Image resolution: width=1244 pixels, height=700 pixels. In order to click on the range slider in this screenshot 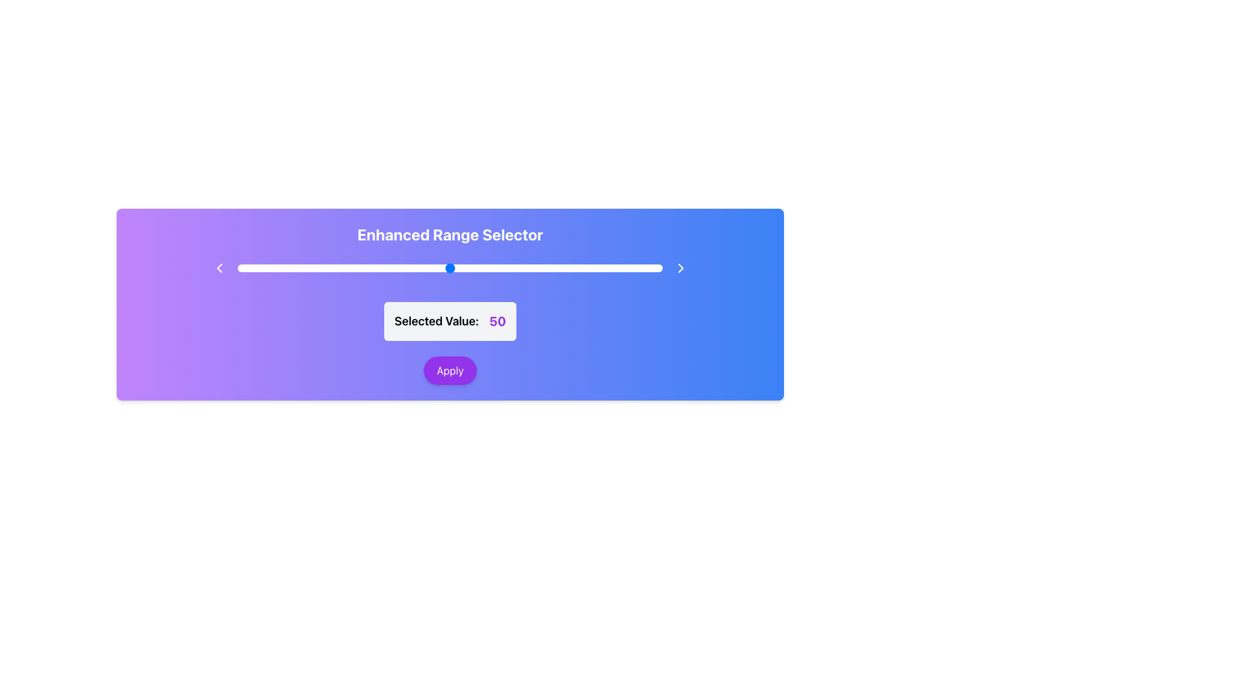, I will do `click(437, 267)`.